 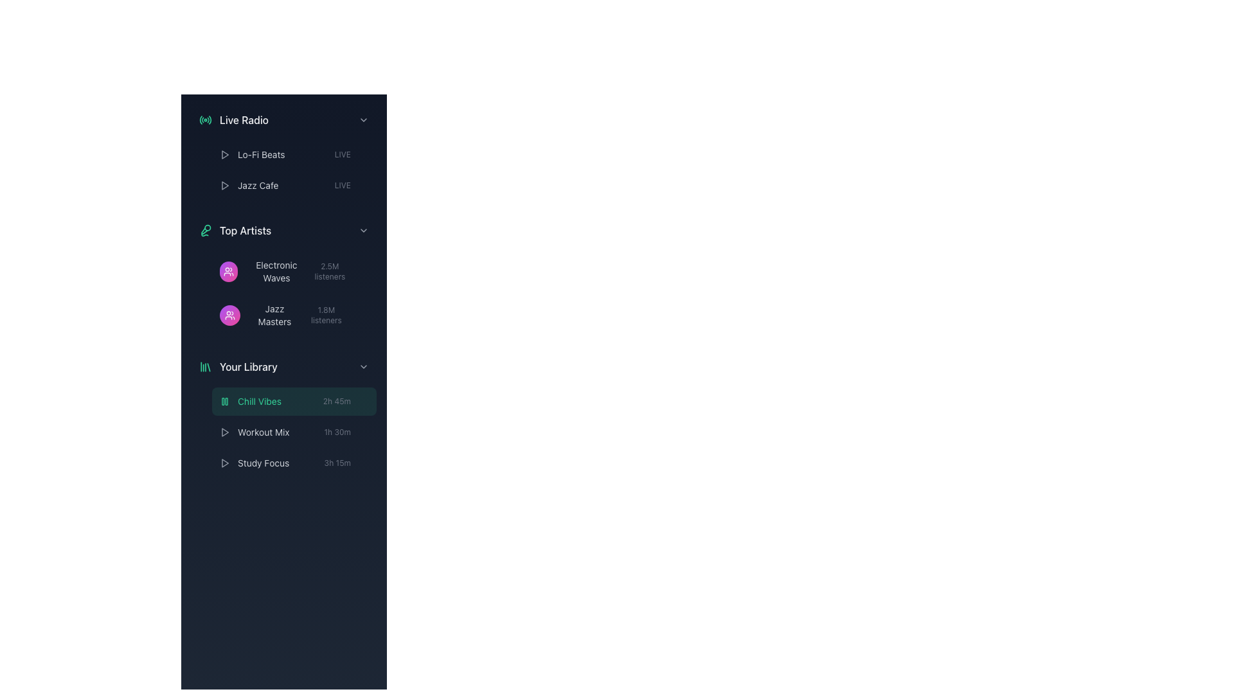 I want to click on the ListItem representing the available live radio channels in the 'Live Radio' section for interaction, so click(x=283, y=170).